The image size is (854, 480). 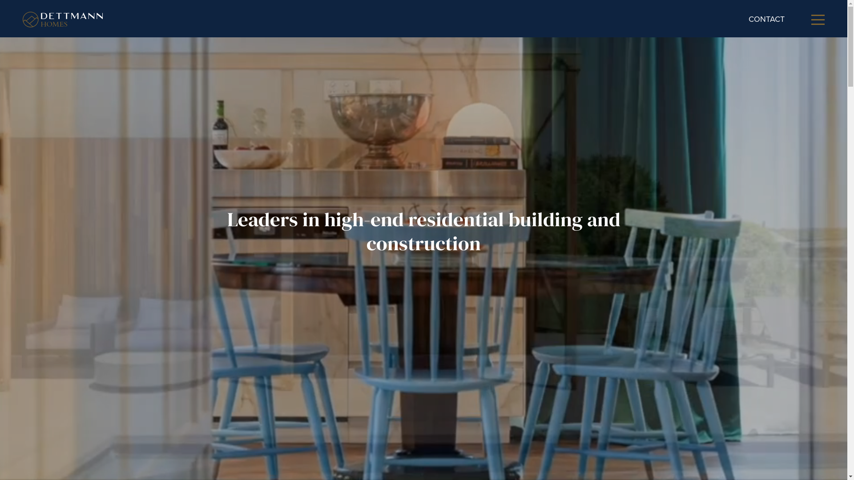 What do you see at coordinates (766, 19) in the screenshot?
I see `'CONTACT'` at bounding box center [766, 19].